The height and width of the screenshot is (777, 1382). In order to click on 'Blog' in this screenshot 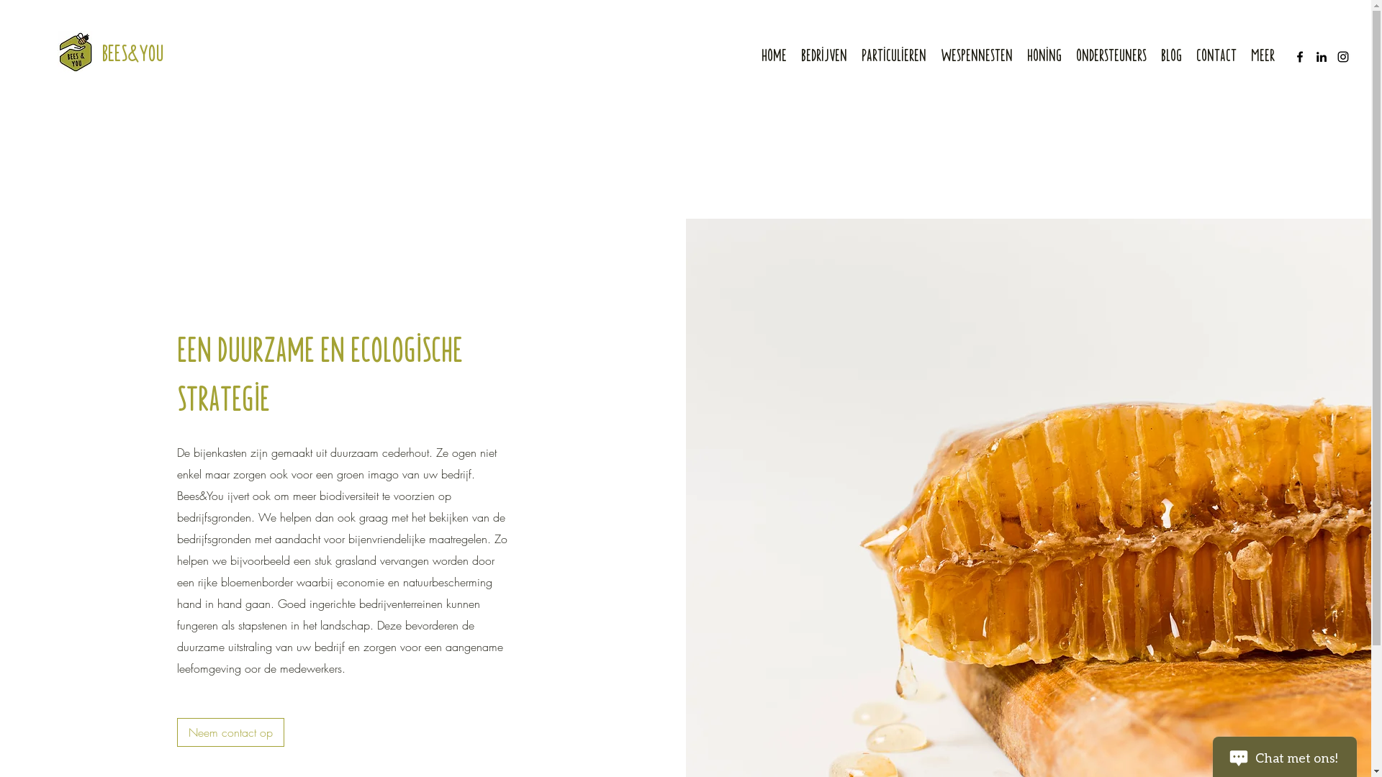, I will do `click(1171, 53)`.